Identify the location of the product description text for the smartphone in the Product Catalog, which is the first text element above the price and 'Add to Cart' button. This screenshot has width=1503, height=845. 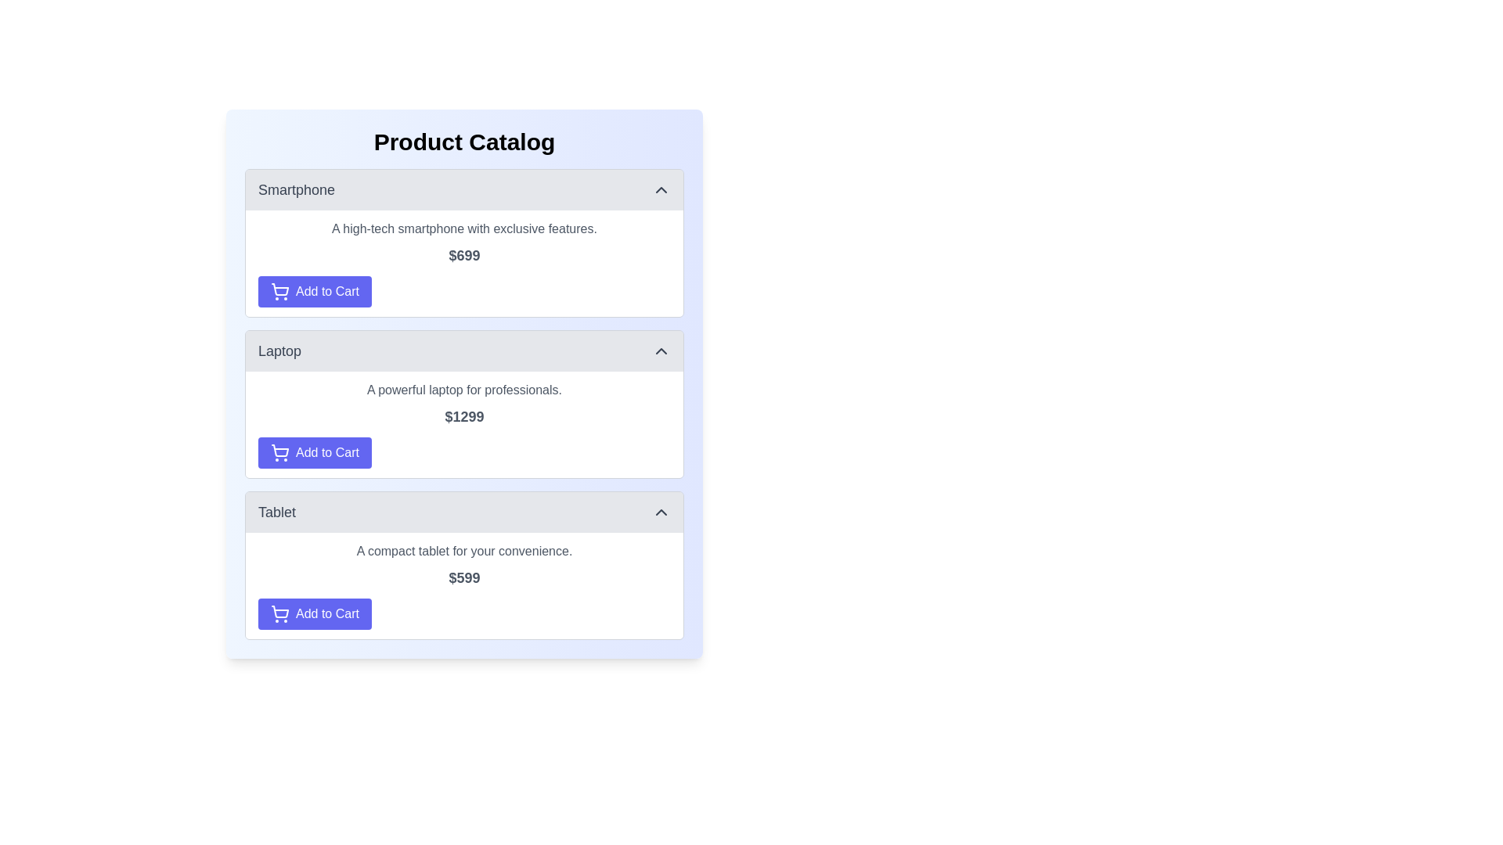
(463, 229).